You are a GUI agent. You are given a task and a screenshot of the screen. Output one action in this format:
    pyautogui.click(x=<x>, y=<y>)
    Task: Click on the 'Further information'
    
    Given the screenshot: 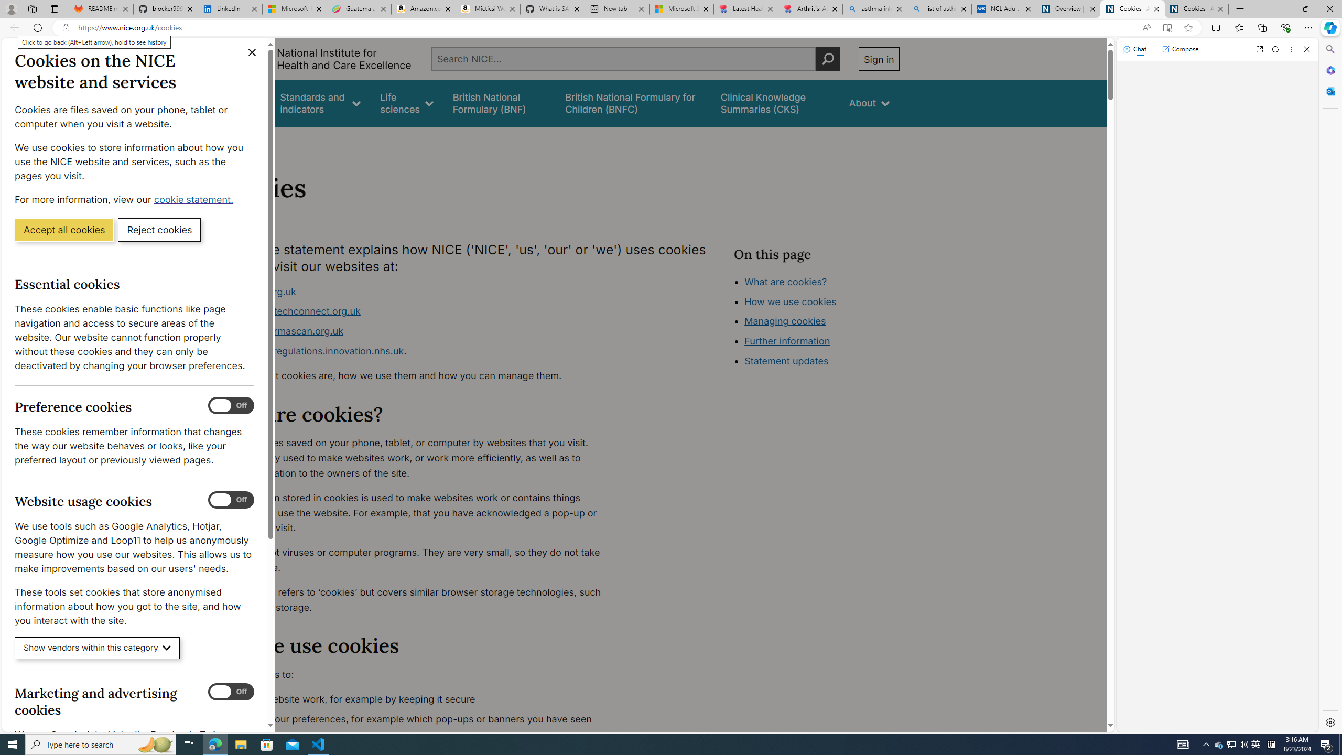 What is the action you would take?
    pyautogui.click(x=787, y=341)
    